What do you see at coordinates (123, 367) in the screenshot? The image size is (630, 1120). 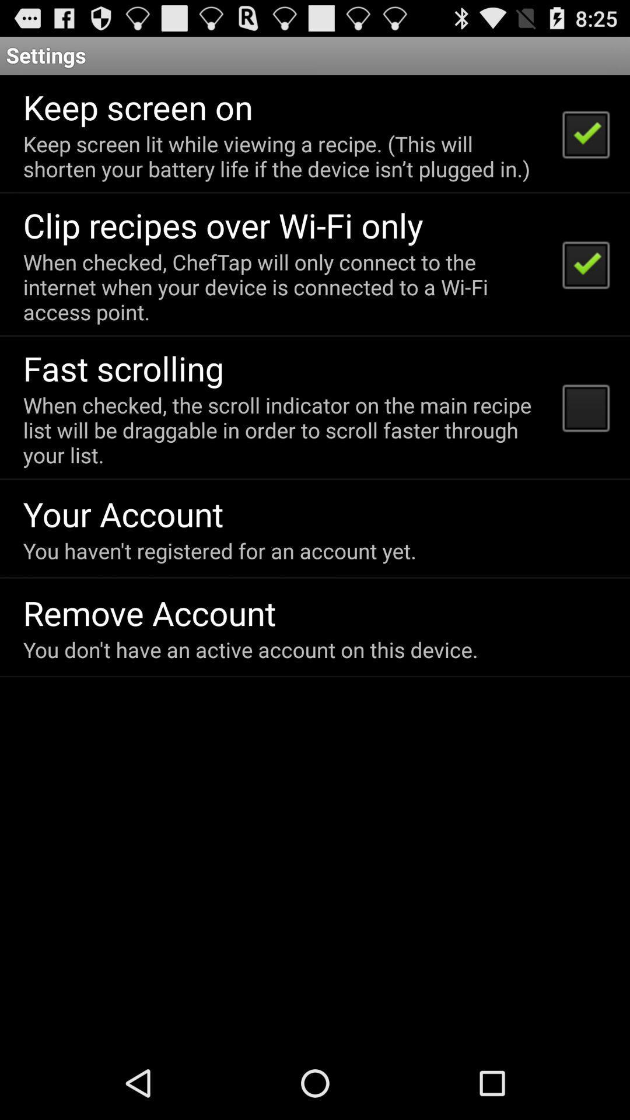 I see `app above the when checked the app` at bounding box center [123, 367].